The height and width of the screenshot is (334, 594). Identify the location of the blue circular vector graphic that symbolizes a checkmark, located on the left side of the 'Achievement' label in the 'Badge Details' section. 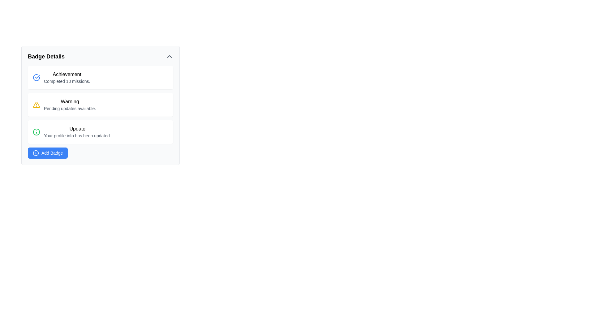
(36, 77).